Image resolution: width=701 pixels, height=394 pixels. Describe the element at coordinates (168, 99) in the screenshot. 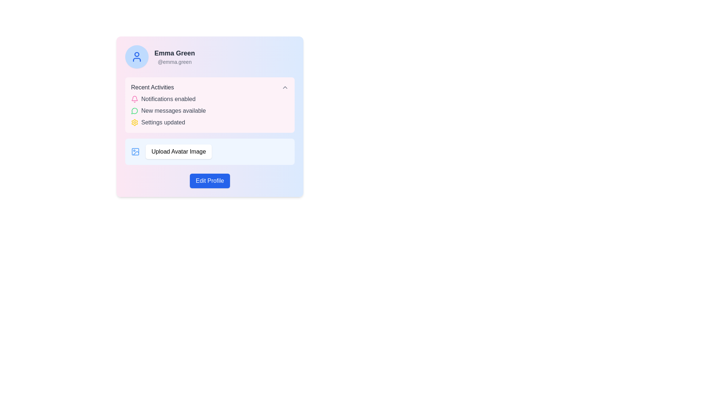

I see `the informative text label displaying 'Notifications enabled', which is located in the 'Recent Activities' section, positioned to the right of the pink bell icon` at that location.